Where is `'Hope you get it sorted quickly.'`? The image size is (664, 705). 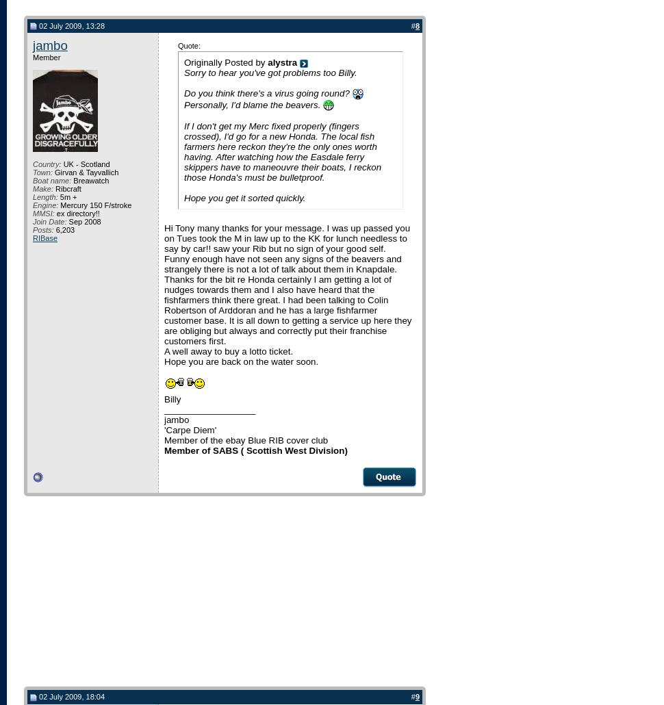
'Hope you get it sorted quickly.' is located at coordinates (244, 197).